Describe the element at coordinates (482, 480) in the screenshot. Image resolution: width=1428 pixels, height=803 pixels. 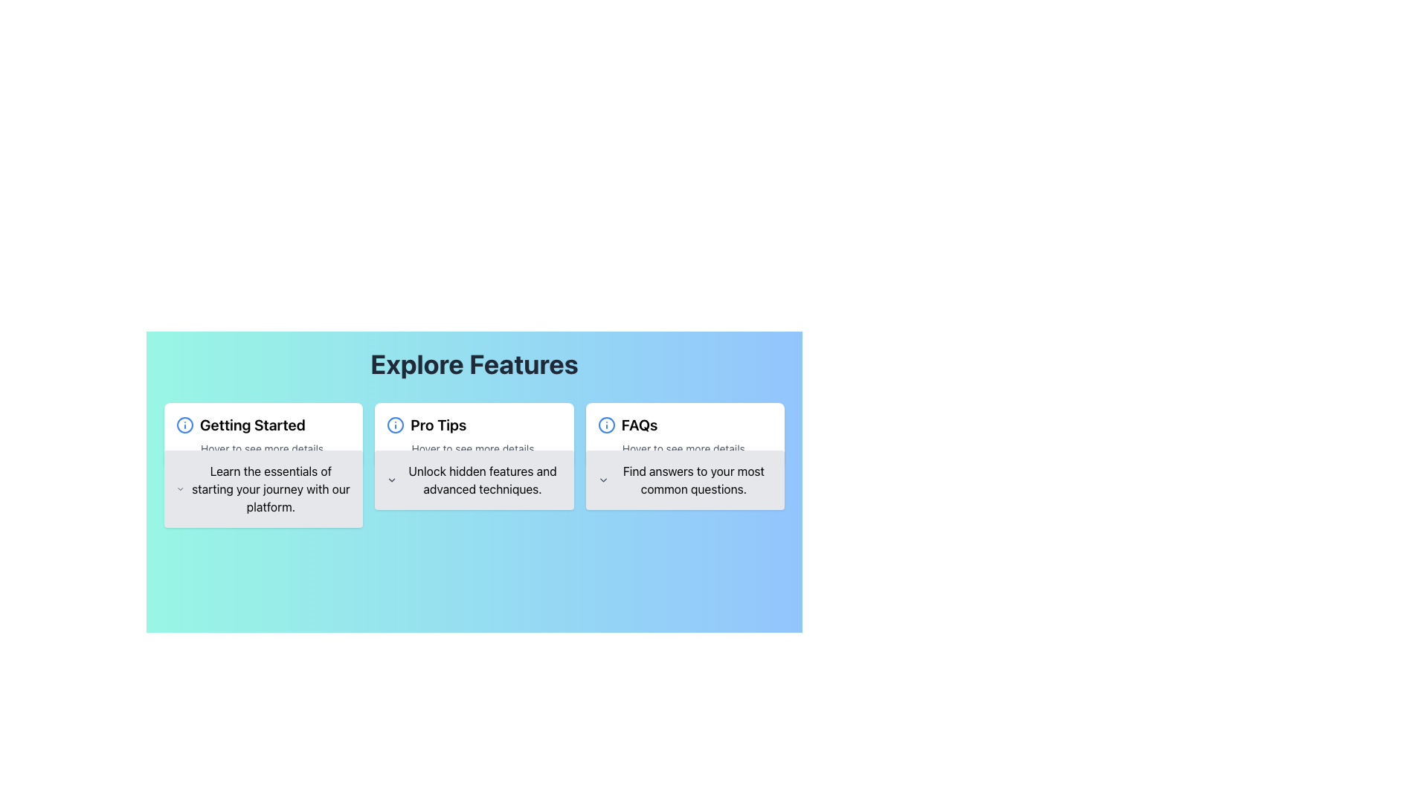
I see `the text snippet that reads 'Unlock hidden features and advanced techniques.' located within the 'Pro Tips' card` at that location.